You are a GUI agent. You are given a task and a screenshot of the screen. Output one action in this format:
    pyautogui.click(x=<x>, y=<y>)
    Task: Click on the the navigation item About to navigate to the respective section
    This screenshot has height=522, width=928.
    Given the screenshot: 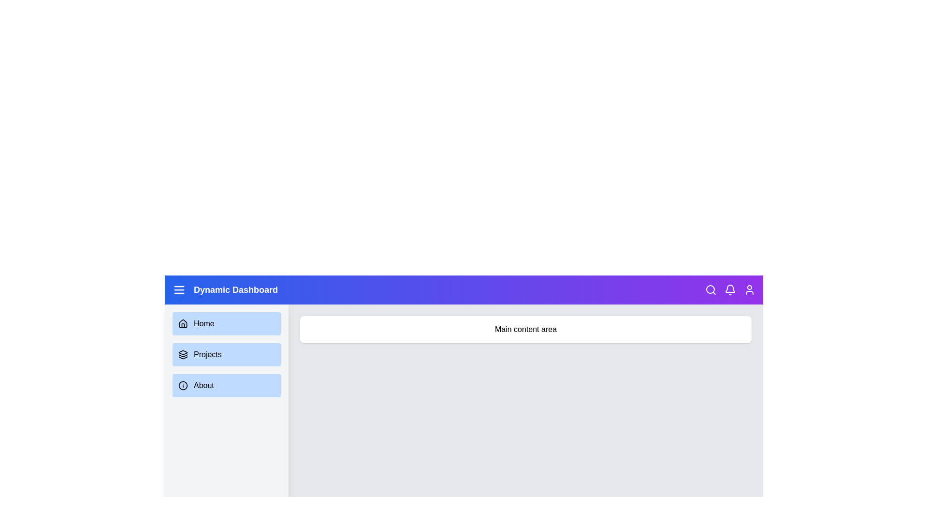 What is the action you would take?
    pyautogui.click(x=226, y=385)
    